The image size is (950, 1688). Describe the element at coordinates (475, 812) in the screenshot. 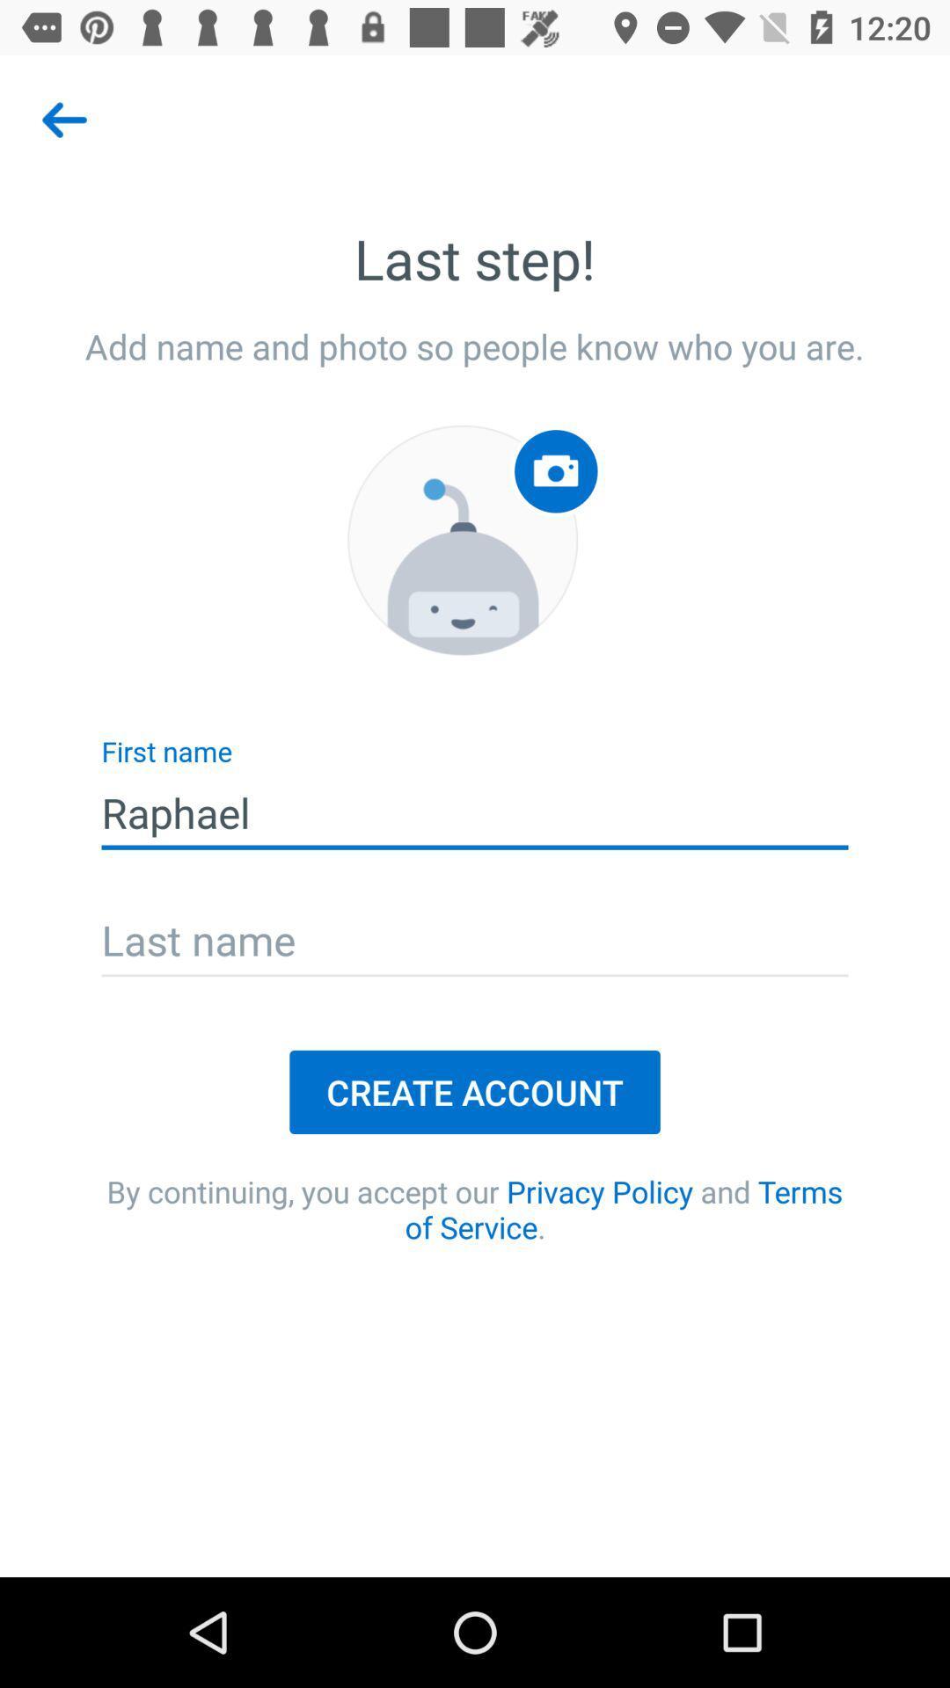

I see `the raphael item` at that location.